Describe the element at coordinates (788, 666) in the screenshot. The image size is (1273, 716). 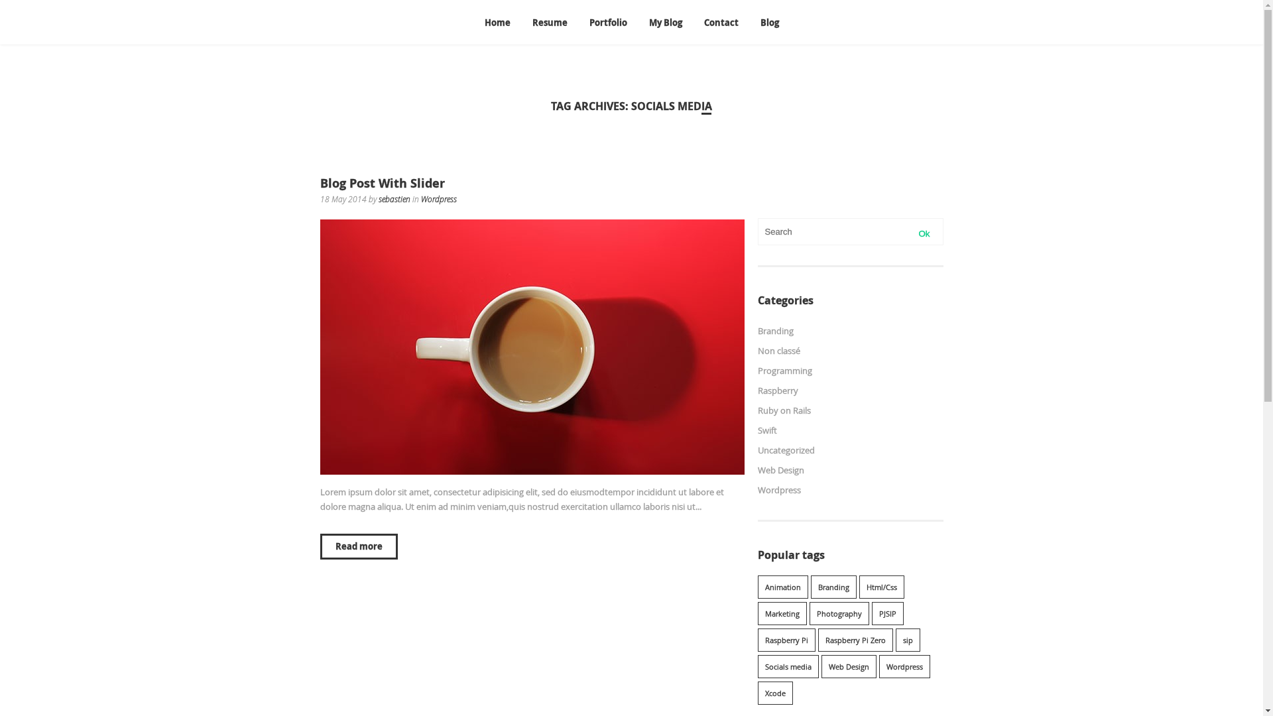
I see `'Socials media'` at that location.